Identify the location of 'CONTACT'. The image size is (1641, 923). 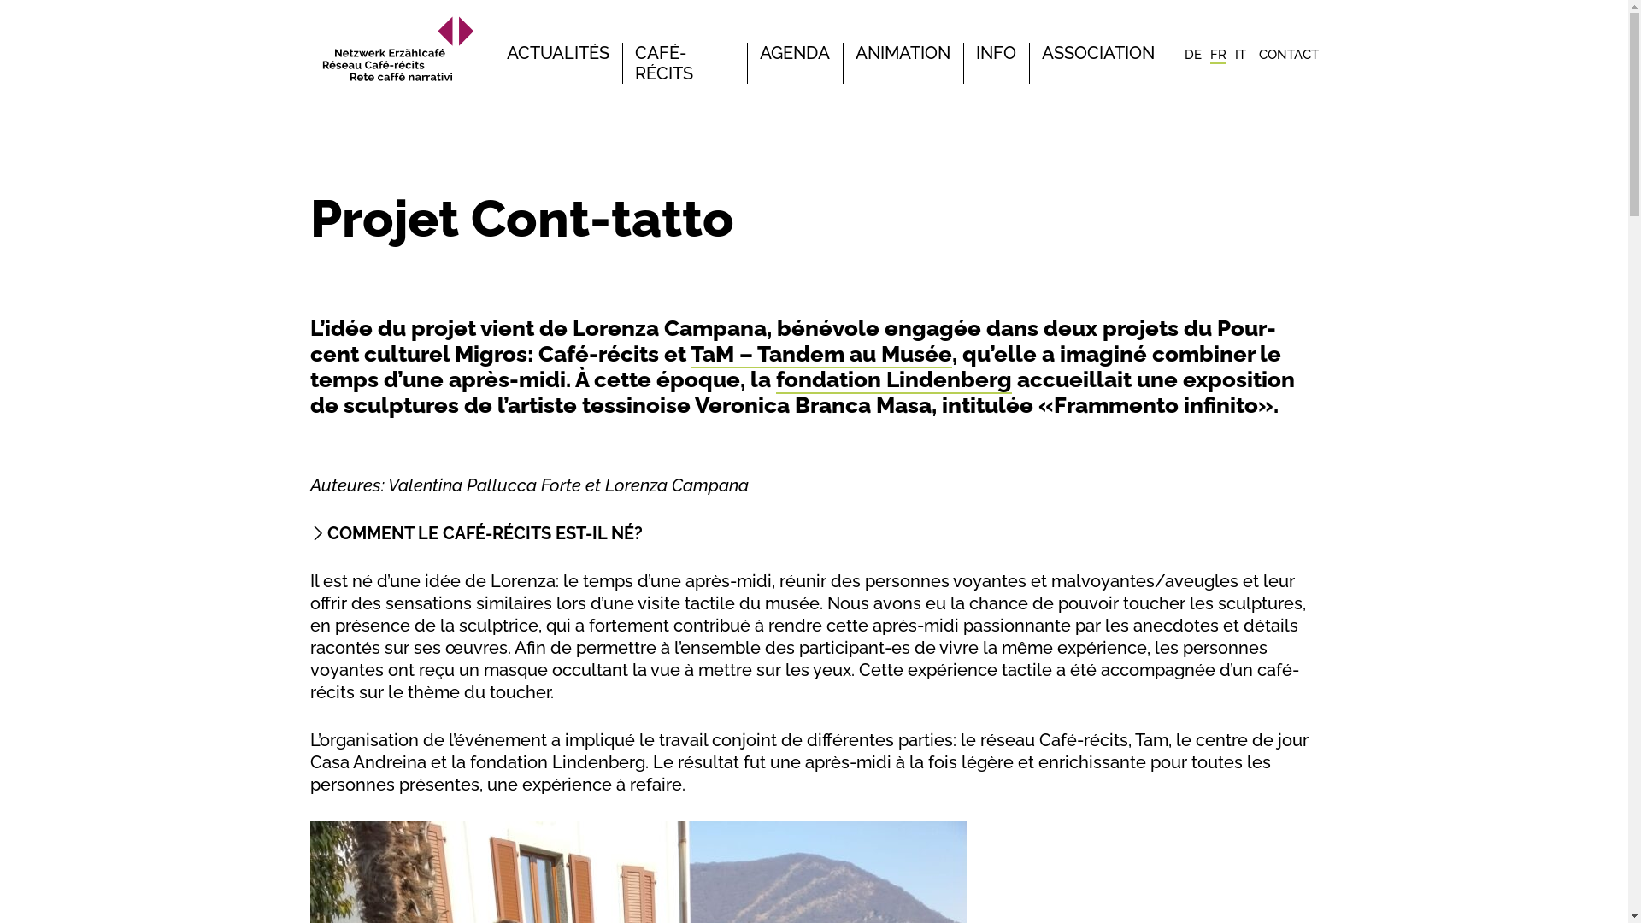
(1288, 54).